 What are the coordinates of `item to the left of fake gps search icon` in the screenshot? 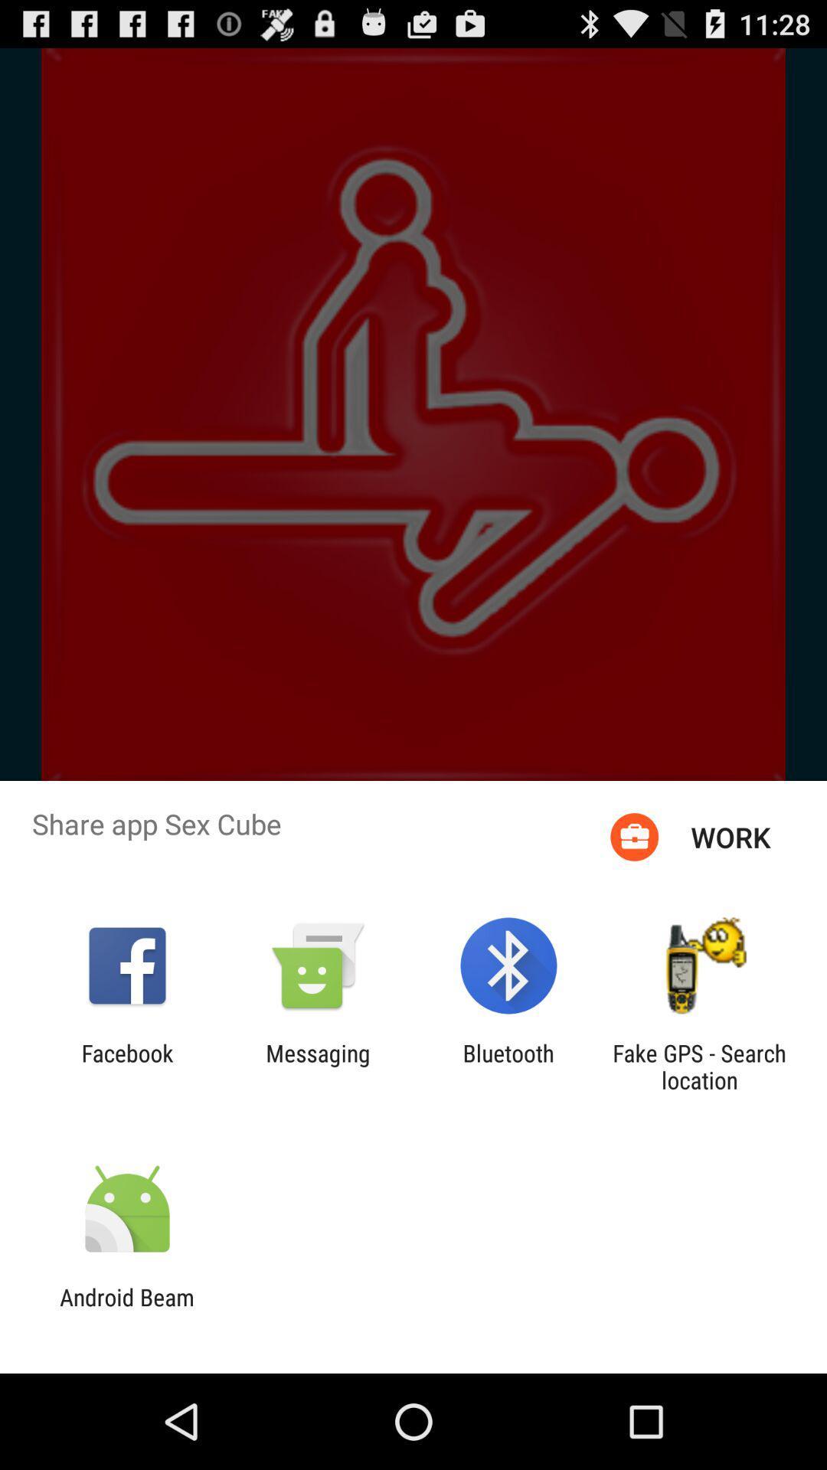 It's located at (508, 1066).